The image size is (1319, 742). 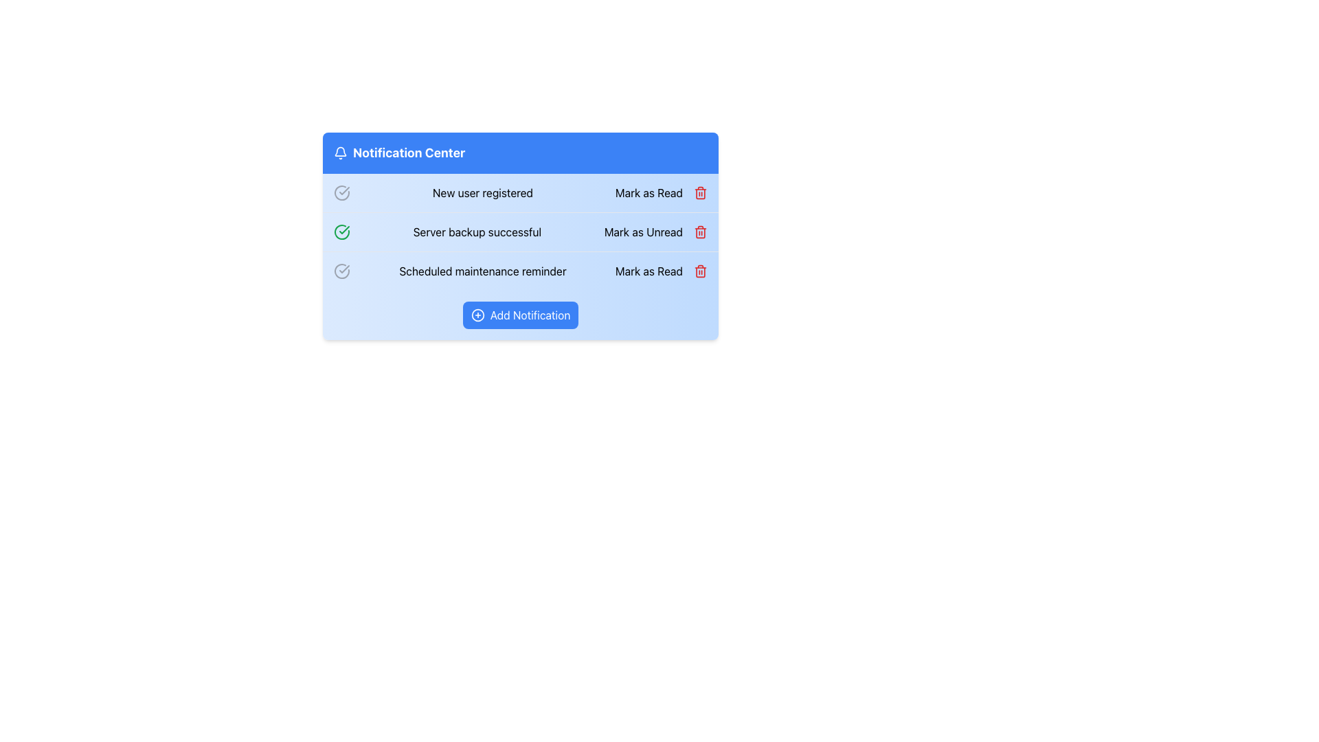 I want to click on the green circular icon with a checkmark inside, which indicates the status of 'Server backup successful' in the Notification Center, located in the second row as the leftmost icon, so click(x=342, y=232).